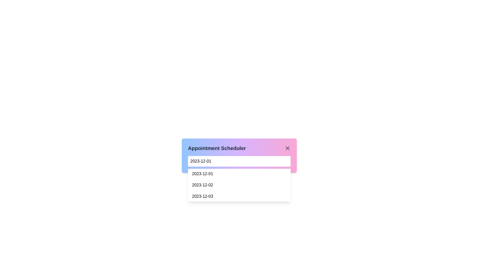  What do you see at coordinates (287, 148) in the screenshot?
I see `the close button located in the top-right corner of the 'Appointment Scheduler' modal` at bounding box center [287, 148].